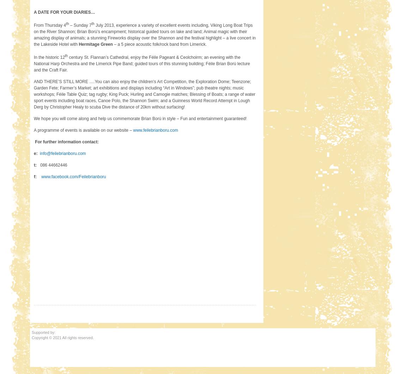  What do you see at coordinates (62, 152) in the screenshot?
I see `'info@feilebrianboru.com'` at bounding box center [62, 152].